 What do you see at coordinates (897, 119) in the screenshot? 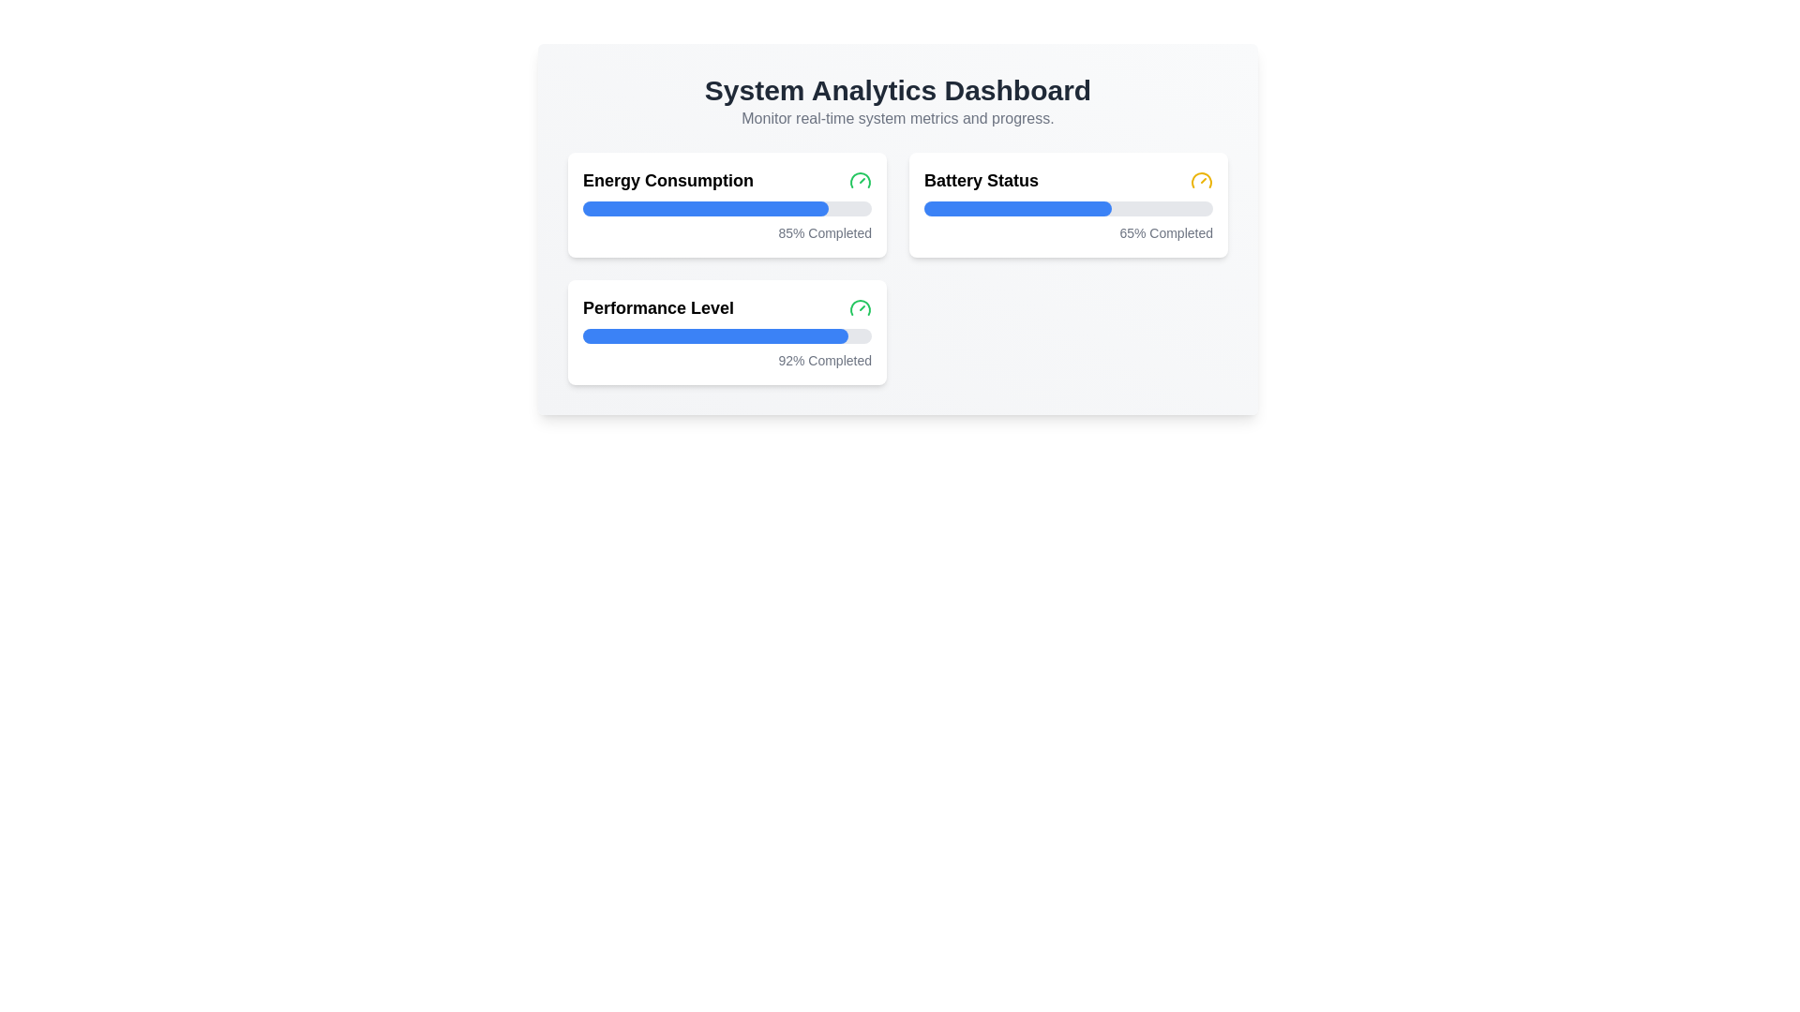
I see `static text element displaying 'Monitor real-time system metrics and progress.' located below the title 'System Analytics Dashboard'` at bounding box center [897, 119].